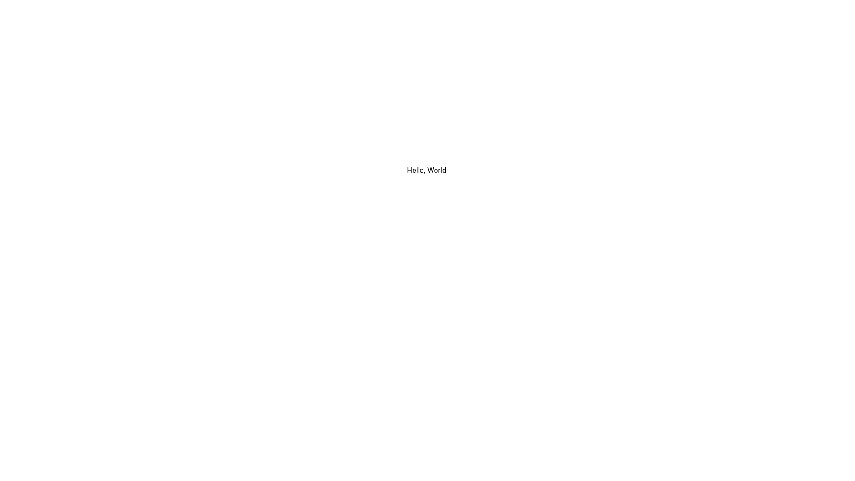 The height and width of the screenshot is (481, 855). I want to click on the static text display that shows 'Hello, World' to trigger potential tooltip or highlight effects, so click(426, 170).